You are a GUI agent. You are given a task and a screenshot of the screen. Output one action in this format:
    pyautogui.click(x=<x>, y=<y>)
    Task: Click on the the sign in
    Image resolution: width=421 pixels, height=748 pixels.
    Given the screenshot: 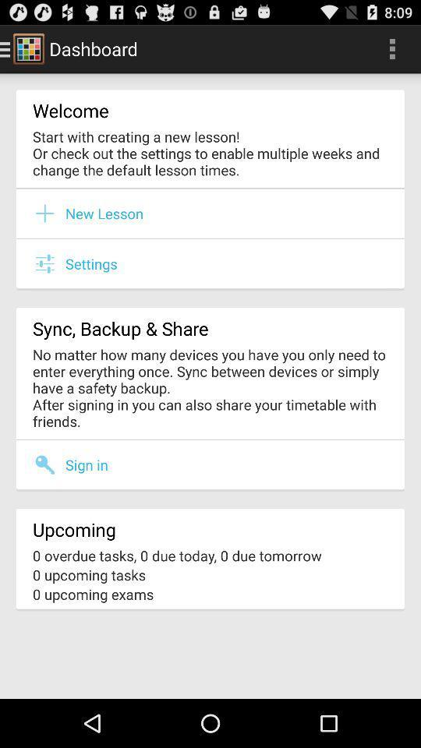 What is the action you would take?
    pyautogui.click(x=87, y=464)
    